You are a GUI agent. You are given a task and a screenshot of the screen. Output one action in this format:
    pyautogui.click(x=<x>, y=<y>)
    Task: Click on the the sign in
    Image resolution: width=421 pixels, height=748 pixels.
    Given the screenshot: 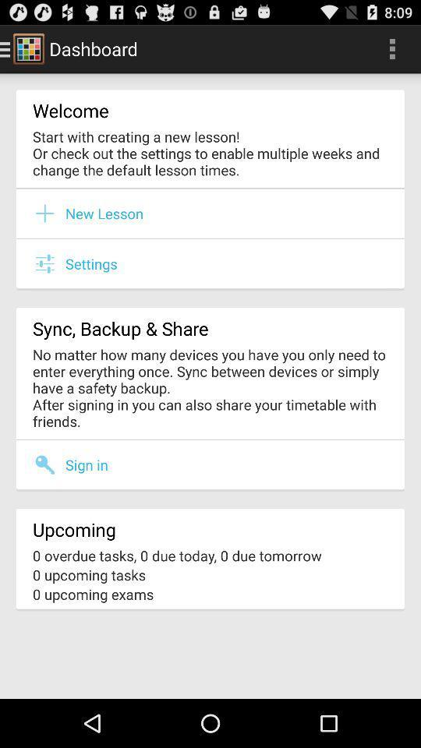 What is the action you would take?
    pyautogui.click(x=87, y=464)
    